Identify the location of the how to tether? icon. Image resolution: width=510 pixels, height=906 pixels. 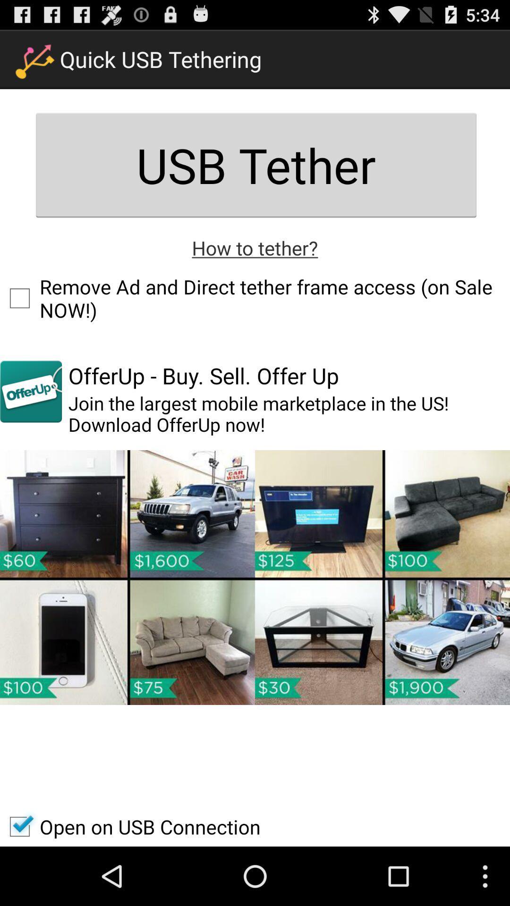
(255, 247).